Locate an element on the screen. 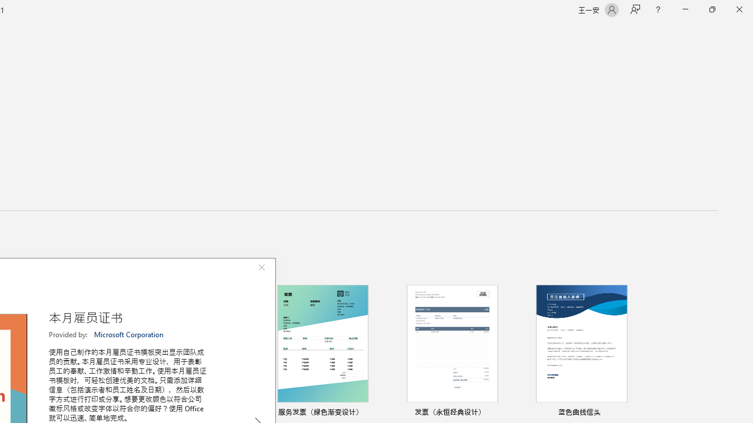 Image resolution: width=753 pixels, height=423 pixels. 'Pin to list' is located at coordinates (632, 412).